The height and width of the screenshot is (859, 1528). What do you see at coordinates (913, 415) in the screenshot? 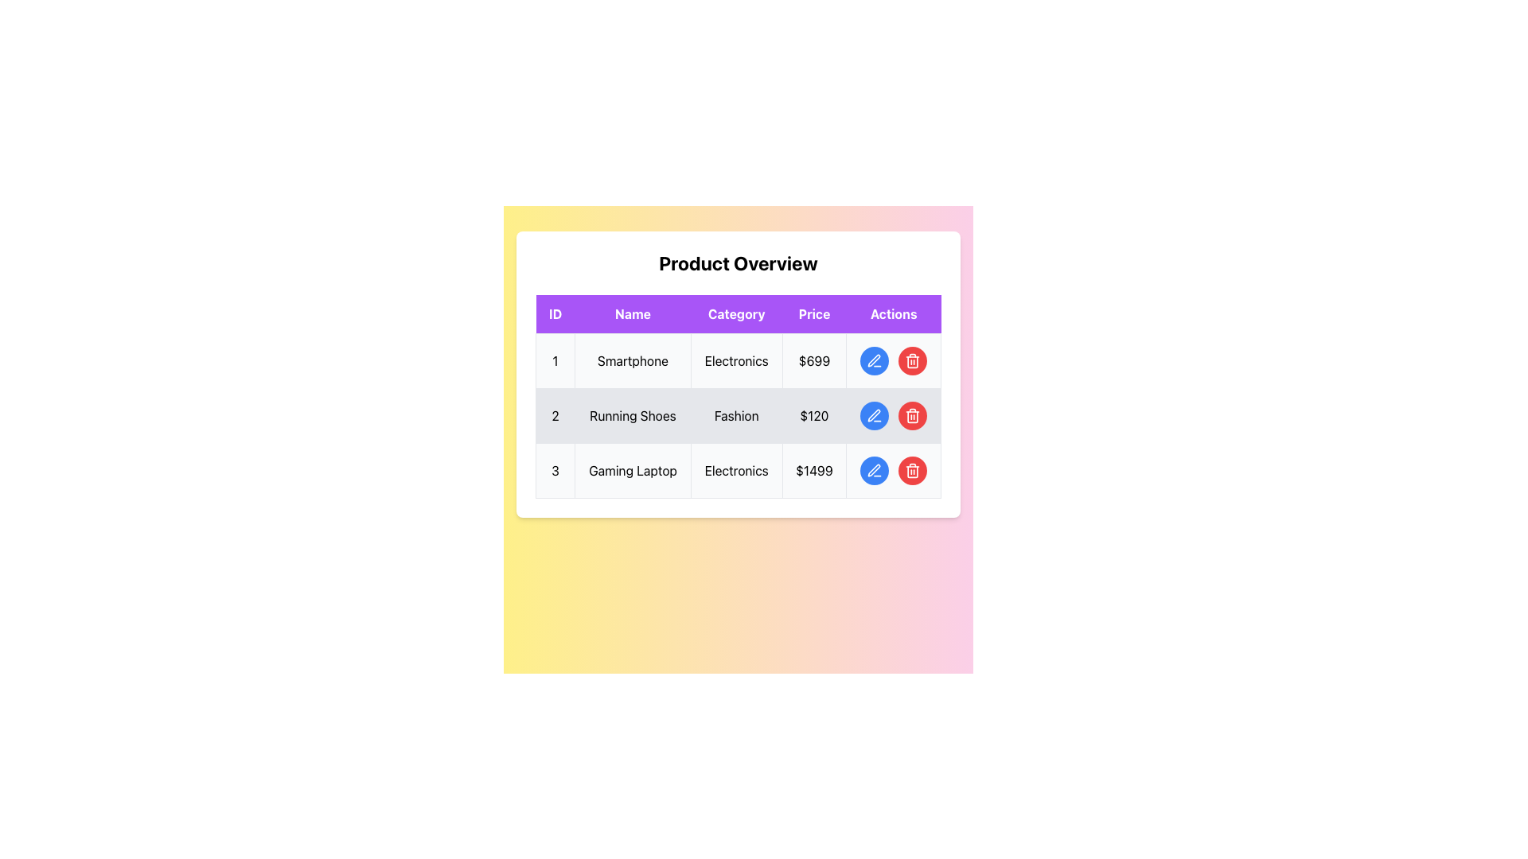
I see `the trash icon button with a red circular background located in the 'Actions' column of the data table` at bounding box center [913, 415].